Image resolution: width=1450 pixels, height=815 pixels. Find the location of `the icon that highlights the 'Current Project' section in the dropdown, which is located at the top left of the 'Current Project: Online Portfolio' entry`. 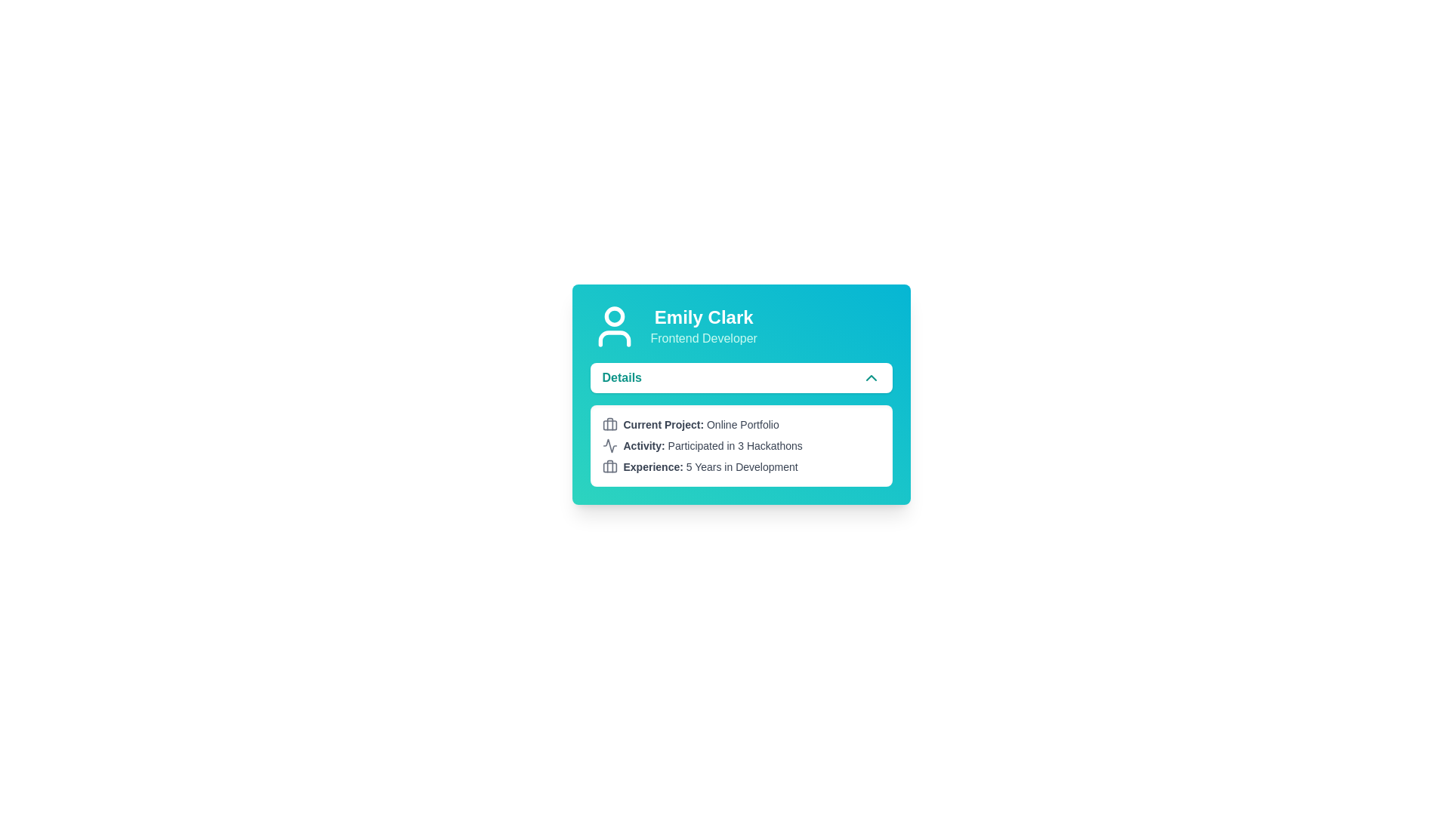

the icon that highlights the 'Current Project' section in the dropdown, which is located at the top left of the 'Current Project: Online Portfolio' entry is located at coordinates (609, 425).